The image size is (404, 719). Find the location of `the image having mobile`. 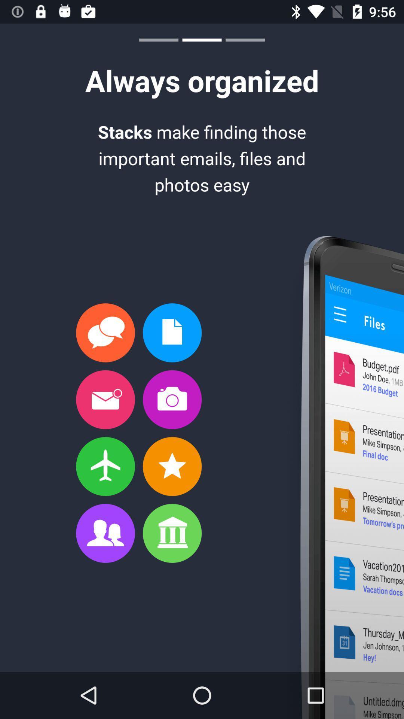

the image having mobile is located at coordinates (341, 477).